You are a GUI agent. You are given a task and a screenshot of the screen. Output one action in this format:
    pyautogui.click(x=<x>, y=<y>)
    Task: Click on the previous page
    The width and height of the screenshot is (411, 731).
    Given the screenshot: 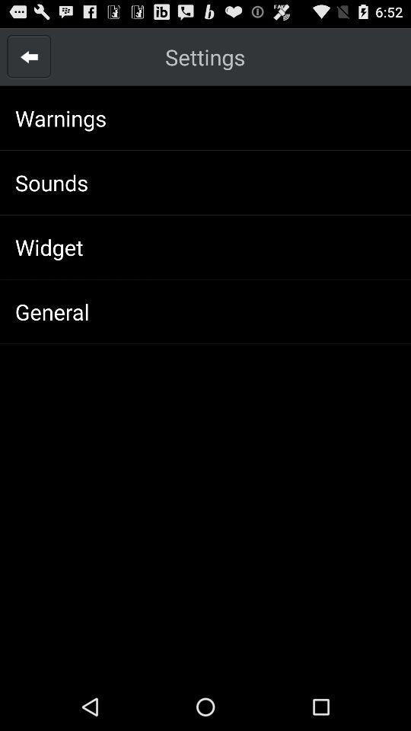 What is the action you would take?
    pyautogui.click(x=29, y=56)
    